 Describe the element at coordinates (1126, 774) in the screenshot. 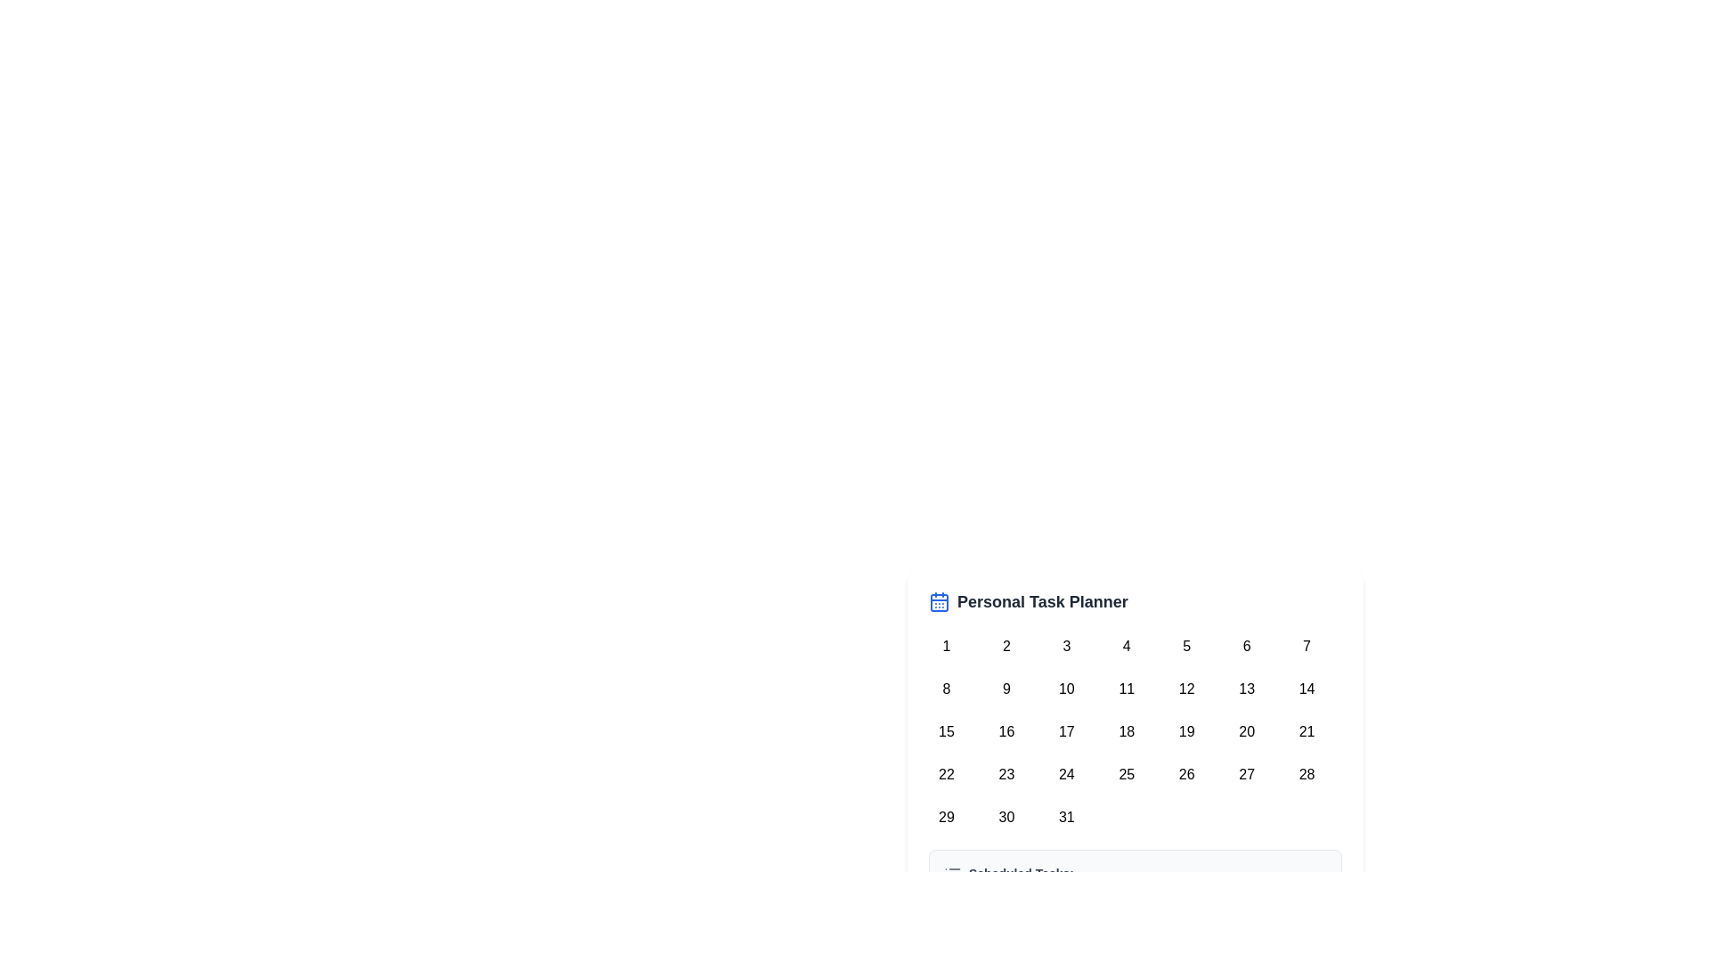

I see `the button labeled '25', which is a small square with a rounded border located in the fourth row and fourth column of a 7-column grid in the calendar component` at that location.